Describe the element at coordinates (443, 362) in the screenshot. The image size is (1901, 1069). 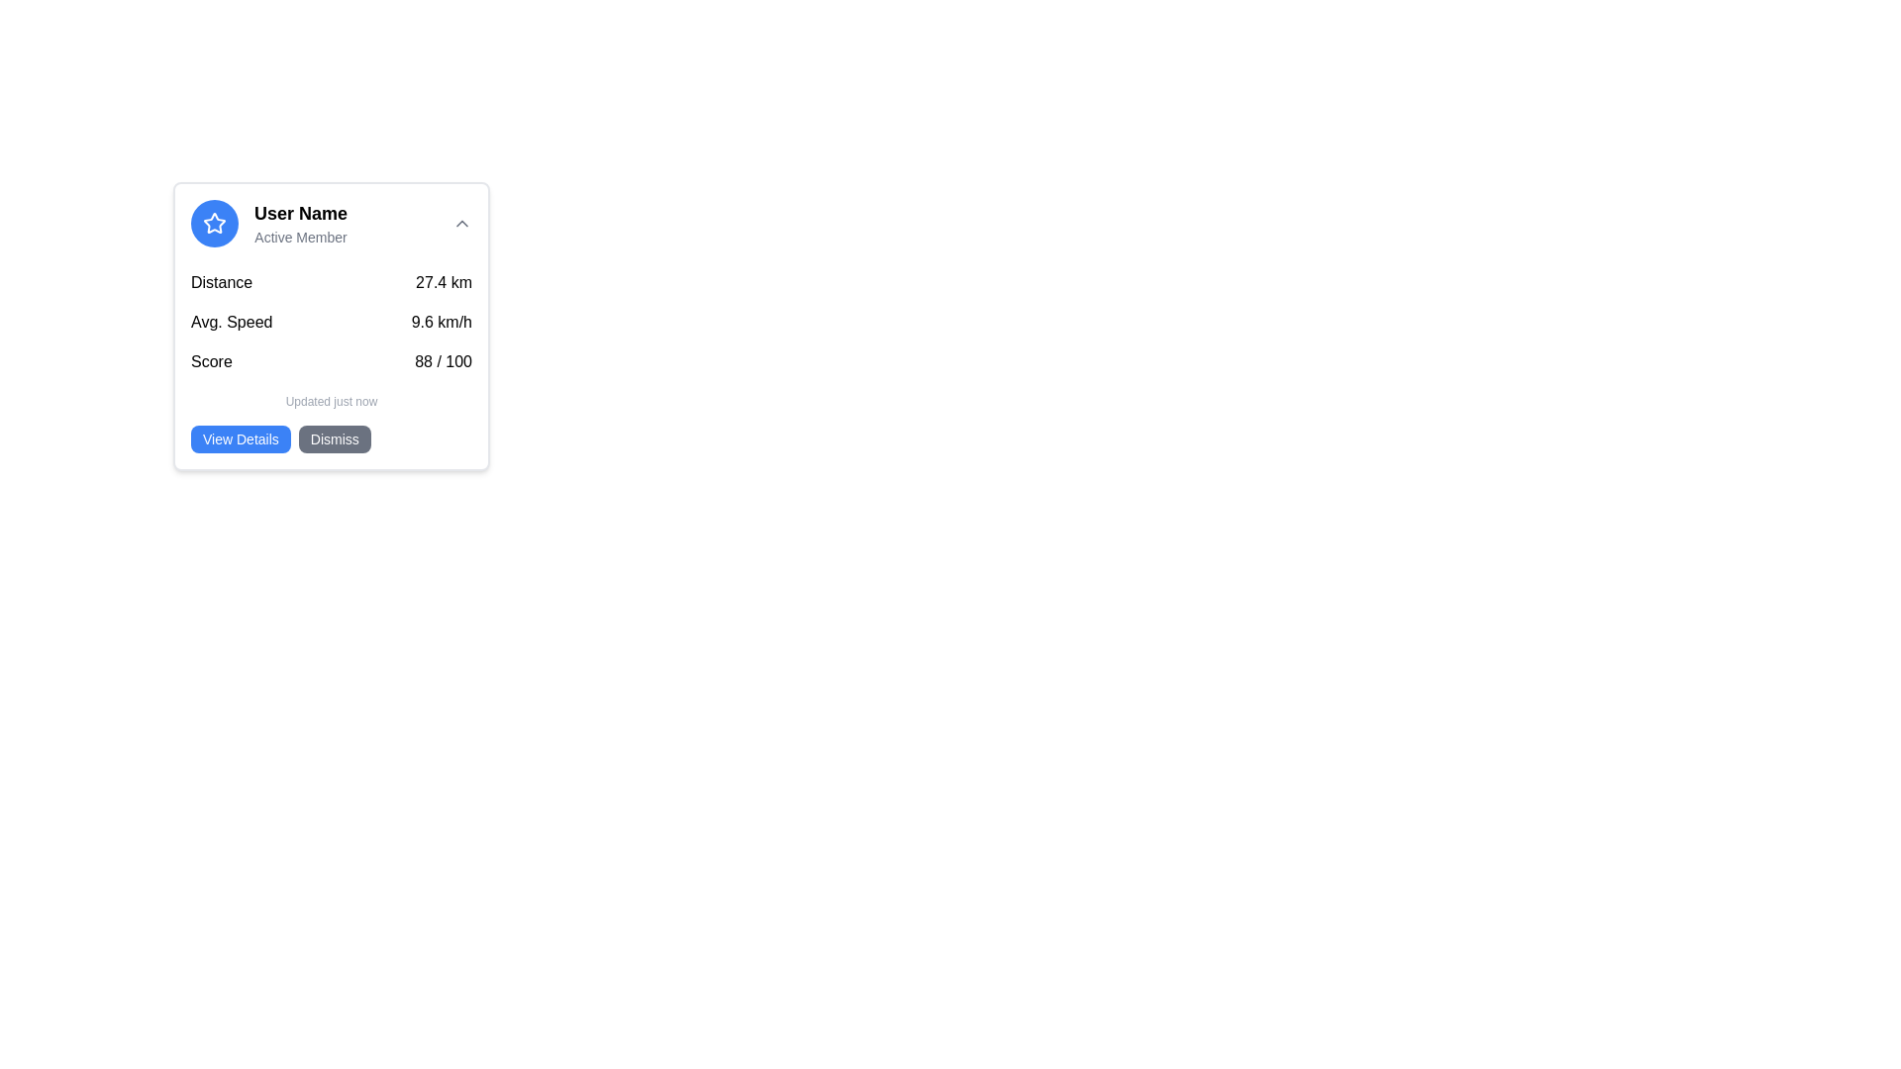
I see `the text label displaying the score '88 / 100', which is located to the right of the word 'Score' in the user statistics section` at that location.